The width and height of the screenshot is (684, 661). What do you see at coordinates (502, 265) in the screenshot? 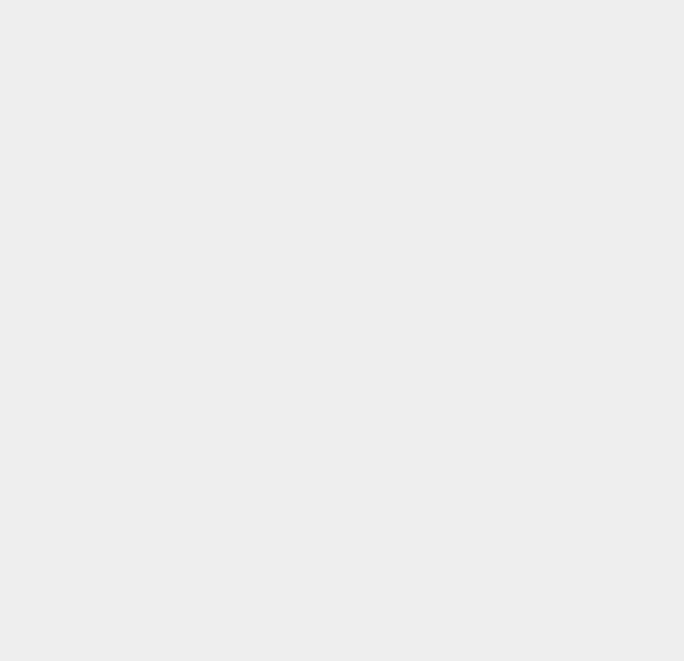
I see `'Android 6'` at bounding box center [502, 265].